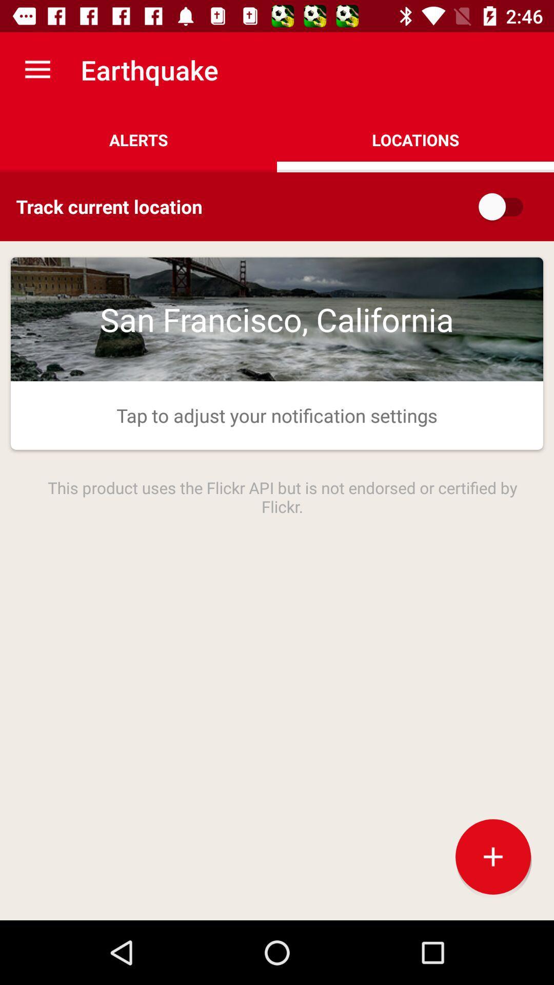 The image size is (554, 985). I want to click on the alerts item, so click(138, 140).